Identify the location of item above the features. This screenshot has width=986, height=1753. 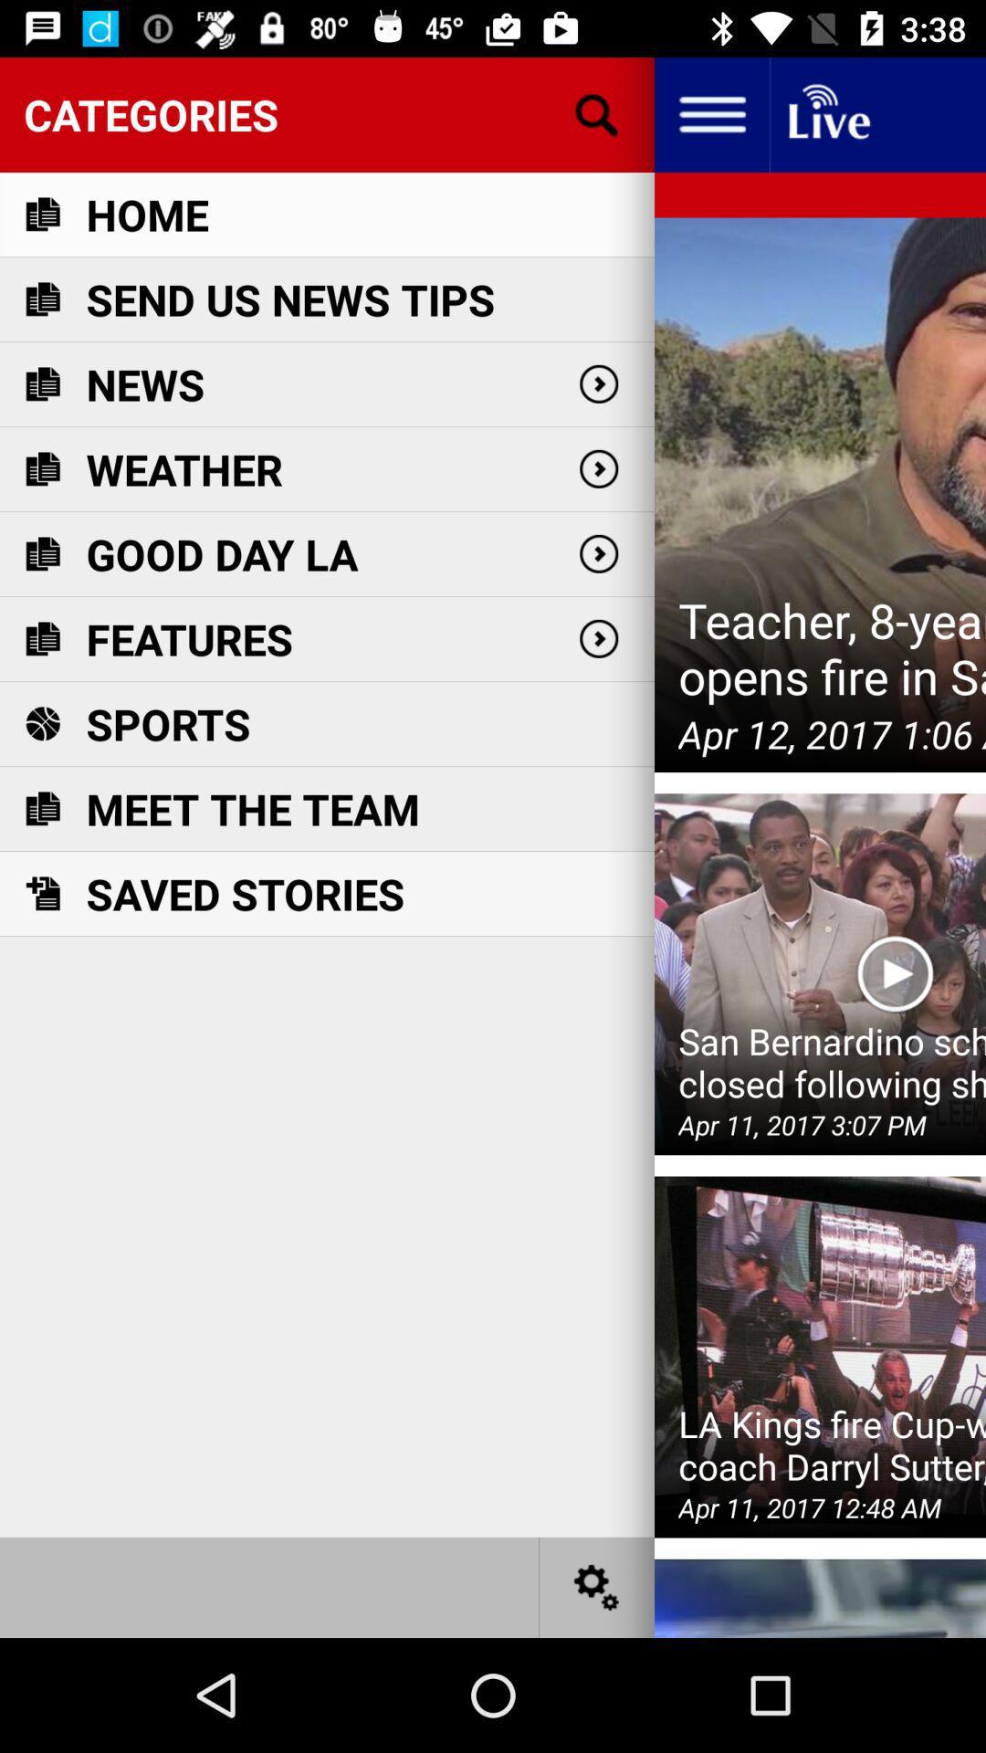
(221, 553).